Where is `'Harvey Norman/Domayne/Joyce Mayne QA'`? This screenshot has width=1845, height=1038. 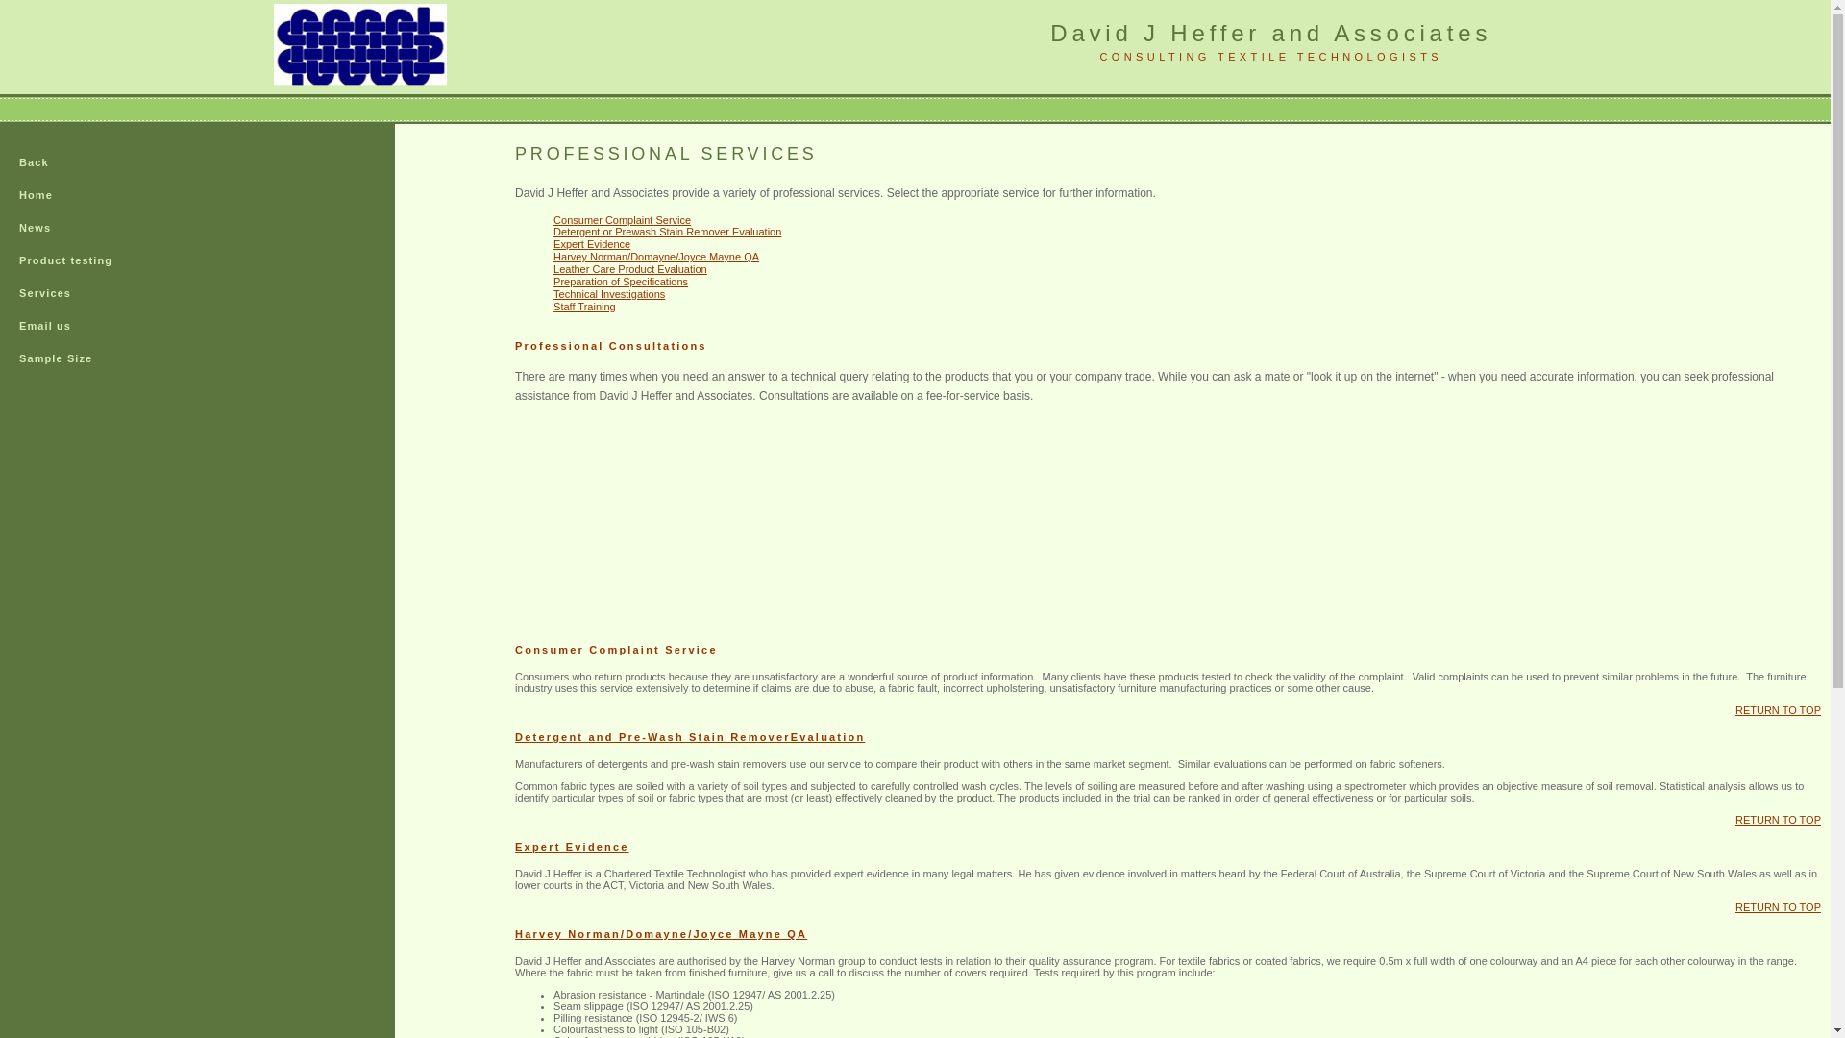 'Harvey Norman/Domayne/Joyce Mayne QA' is located at coordinates (553, 255).